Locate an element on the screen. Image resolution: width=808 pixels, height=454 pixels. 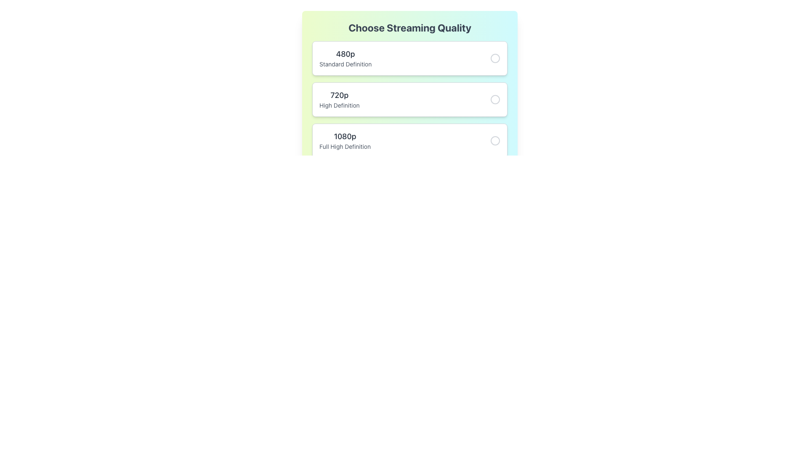
header text content located at the top of the streaming quality section, which informs the user about the purpose of the options below is located at coordinates (410, 27).